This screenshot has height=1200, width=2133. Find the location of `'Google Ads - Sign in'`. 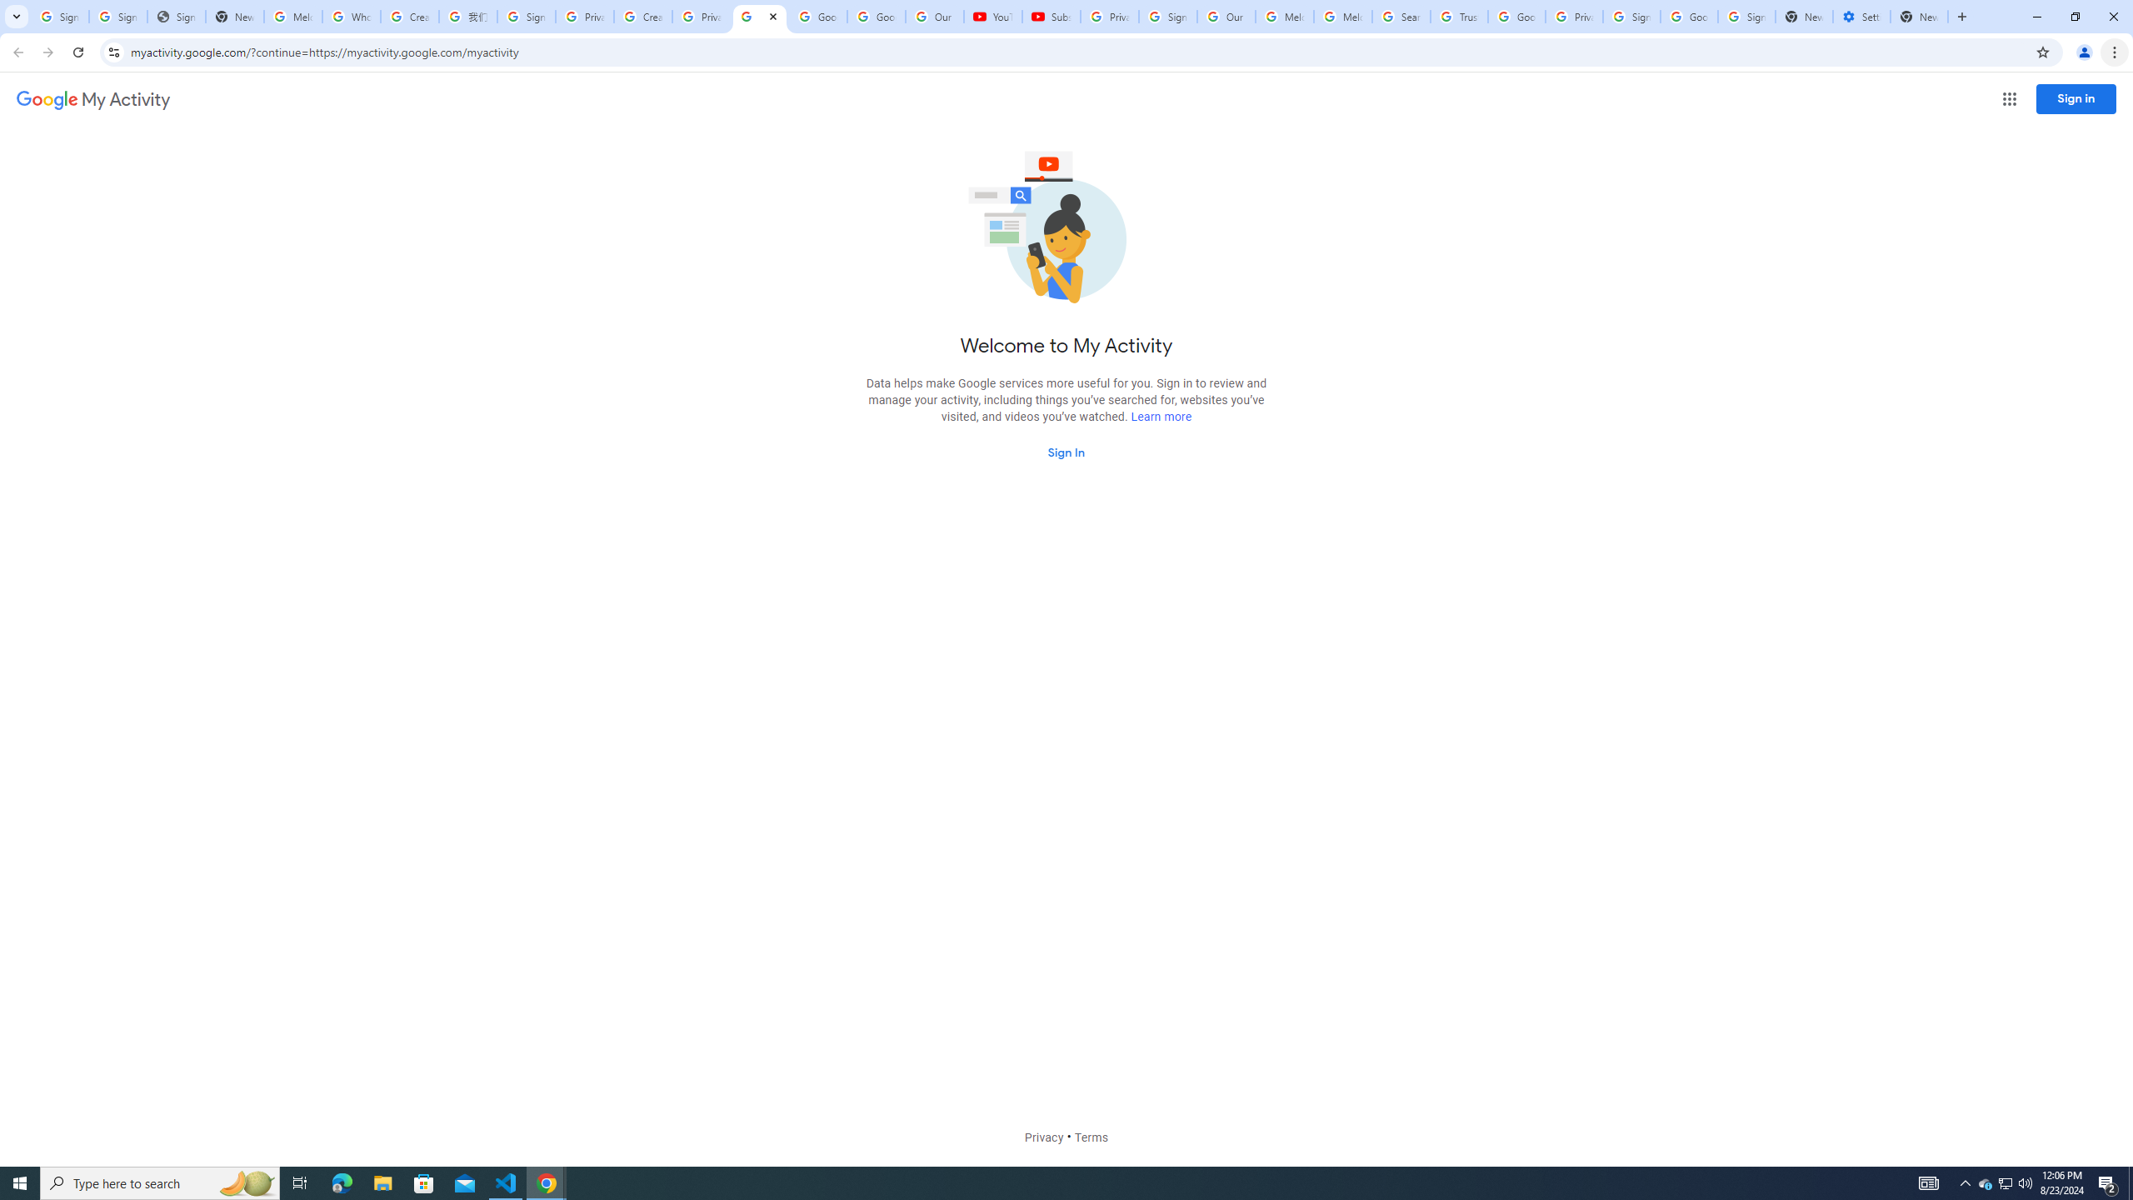

'Google Ads - Sign in' is located at coordinates (1516, 16).